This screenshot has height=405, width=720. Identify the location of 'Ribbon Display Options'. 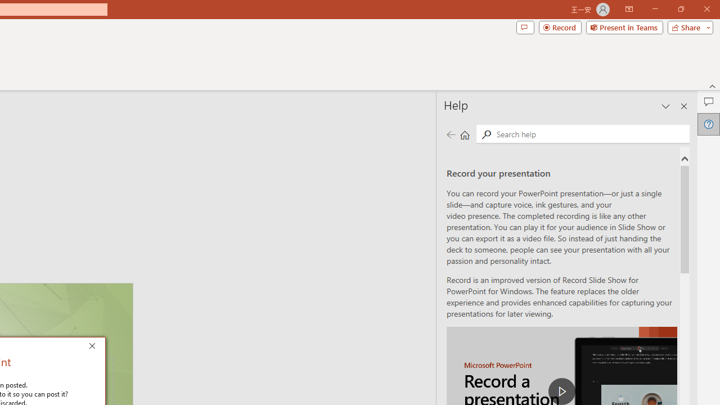
(628, 9).